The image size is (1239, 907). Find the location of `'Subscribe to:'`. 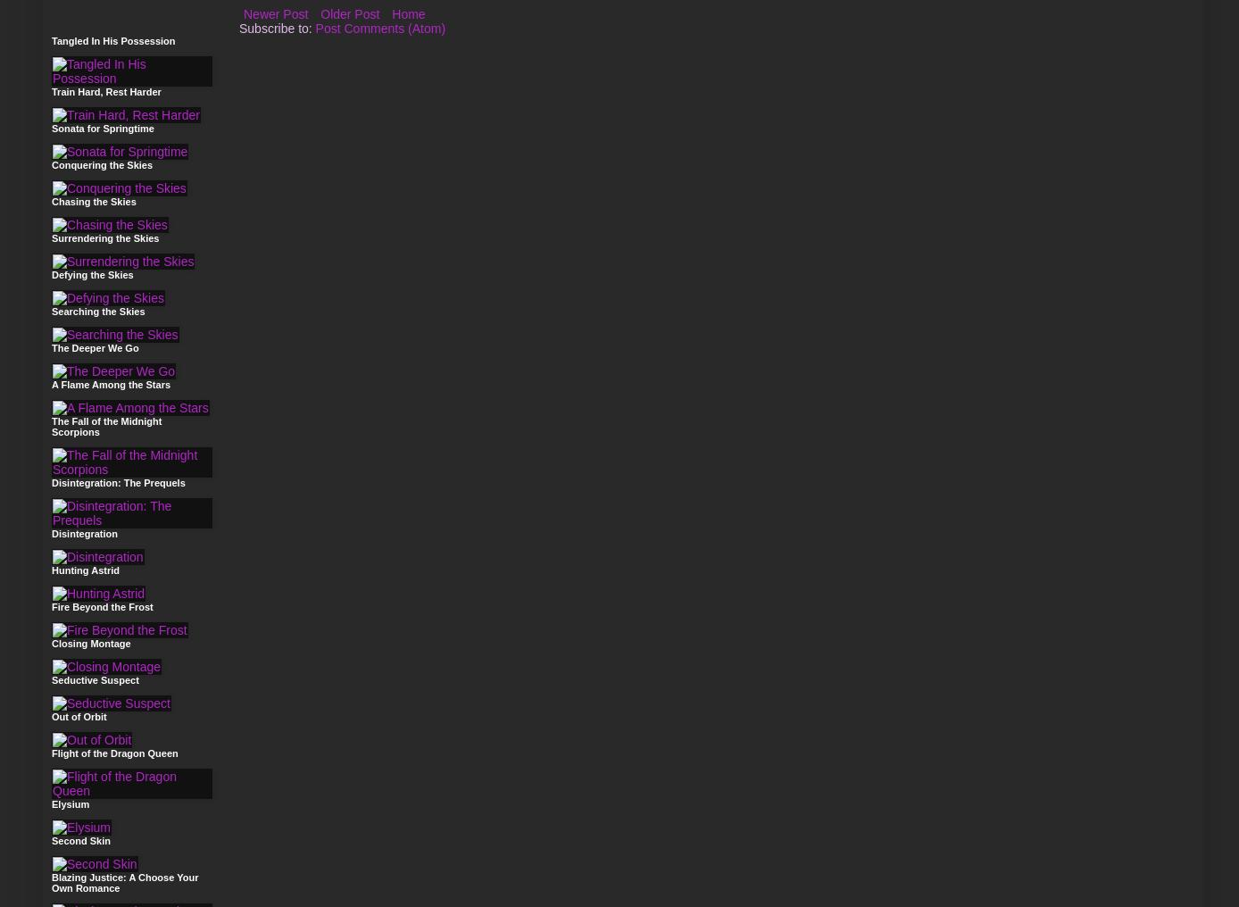

'Subscribe to:' is located at coordinates (276, 28).